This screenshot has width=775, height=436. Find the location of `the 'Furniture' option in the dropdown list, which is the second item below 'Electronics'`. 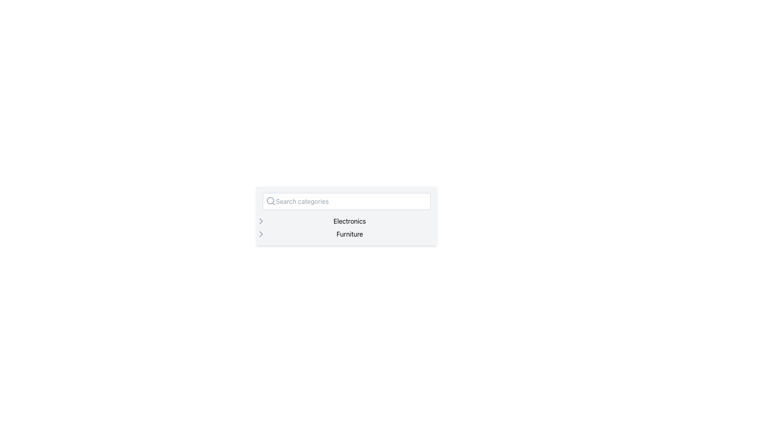

the 'Furniture' option in the dropdown list, which is the second item below 'Electronics' is located at coordinates (346, 234).